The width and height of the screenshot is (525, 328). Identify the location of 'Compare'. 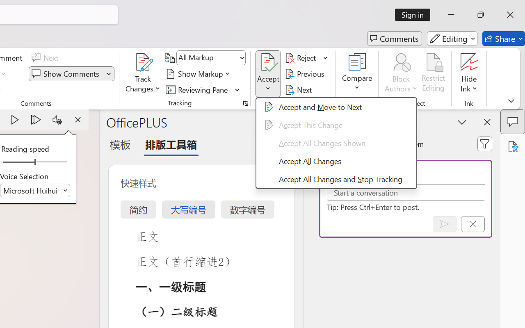
(357, 73).